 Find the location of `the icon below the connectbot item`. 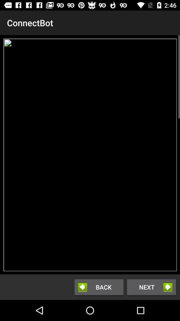

the icon below the connectbot item is located at coordinates (90, 154).